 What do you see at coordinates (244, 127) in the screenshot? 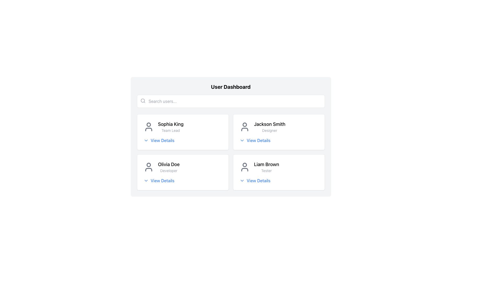
I see `the user avatar icon located in the upper right corner of Jackson Smith's user information card, which features a minimalistic design with a circular head and a semi-circular body line` at bounding box center [244, 127].